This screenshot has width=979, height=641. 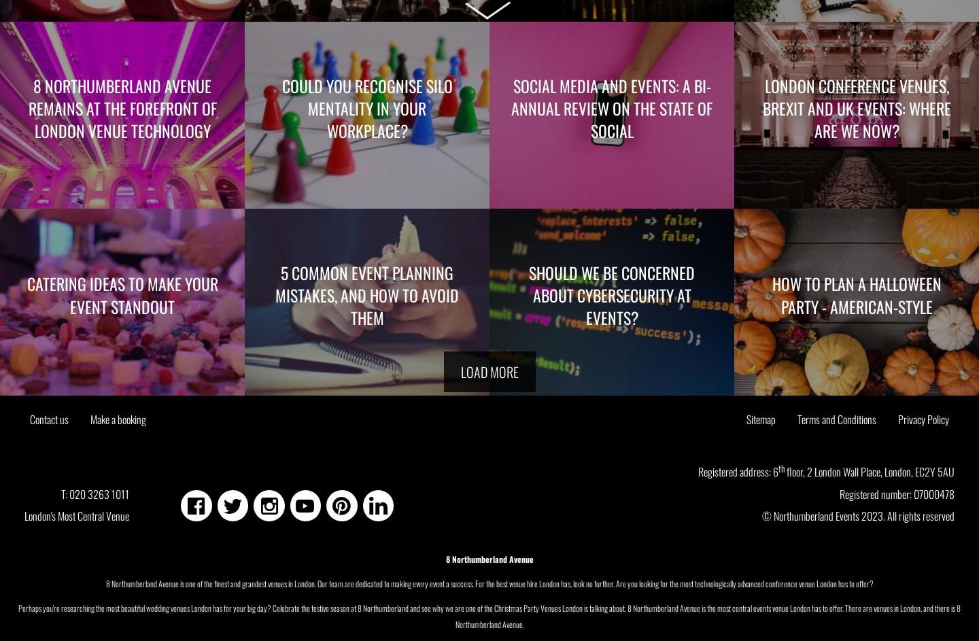 What do you see at coordinates (460, 372) in the screenshot?
I see `'LOAD MORE'` at bounding box center [460, 372].